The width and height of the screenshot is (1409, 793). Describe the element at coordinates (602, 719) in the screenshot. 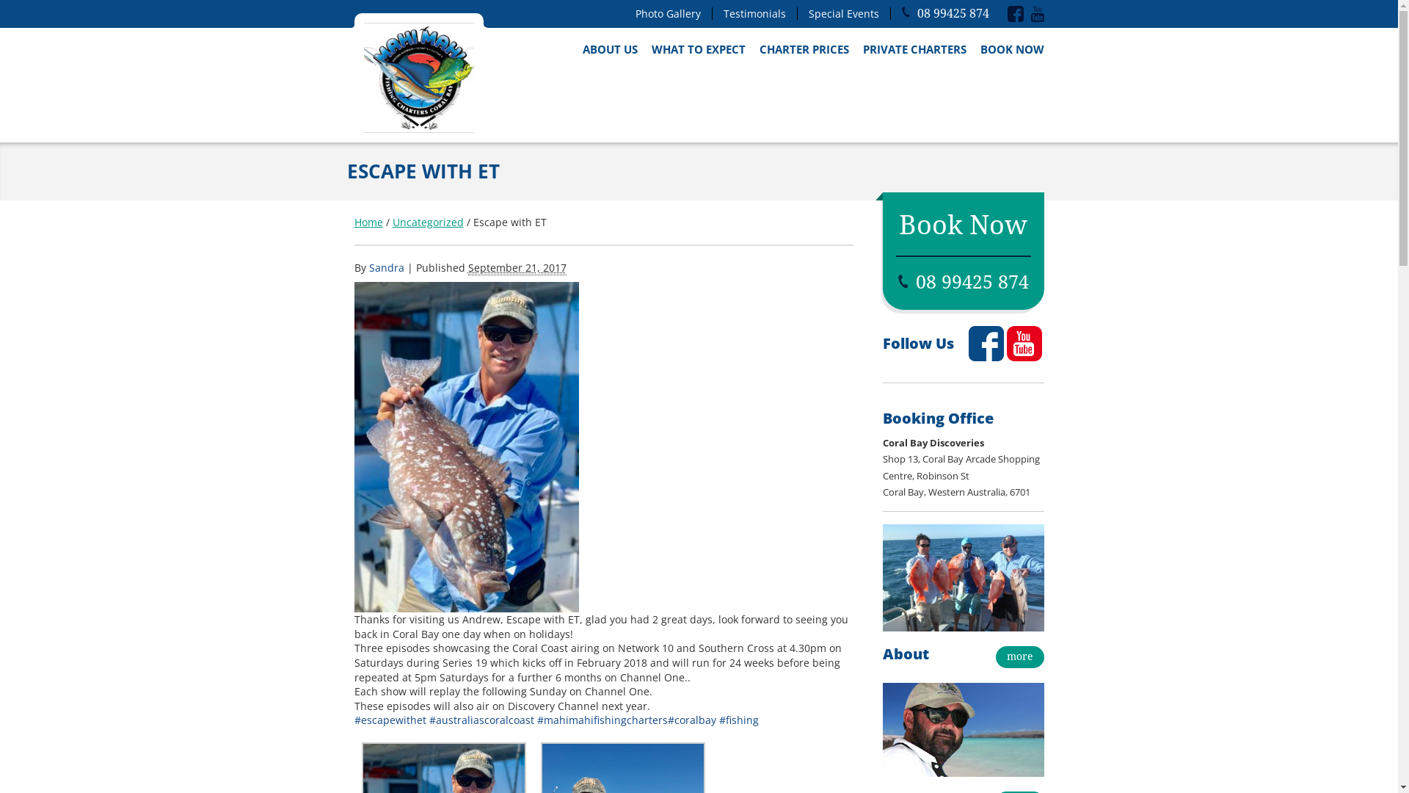

I see `'#mahimahifishingcharters'` at that location.